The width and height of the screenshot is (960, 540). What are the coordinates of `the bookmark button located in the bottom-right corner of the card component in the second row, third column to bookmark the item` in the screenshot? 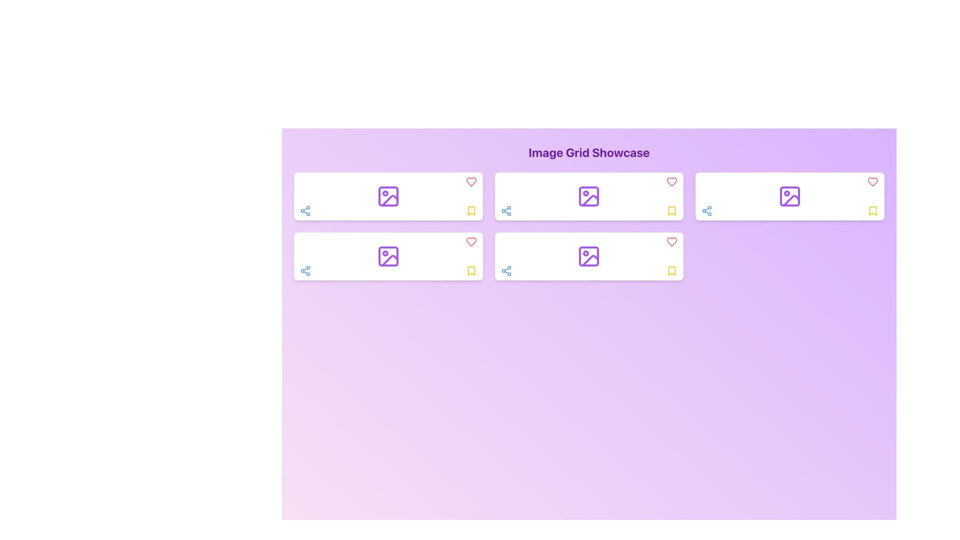 It's located at (470, 271).